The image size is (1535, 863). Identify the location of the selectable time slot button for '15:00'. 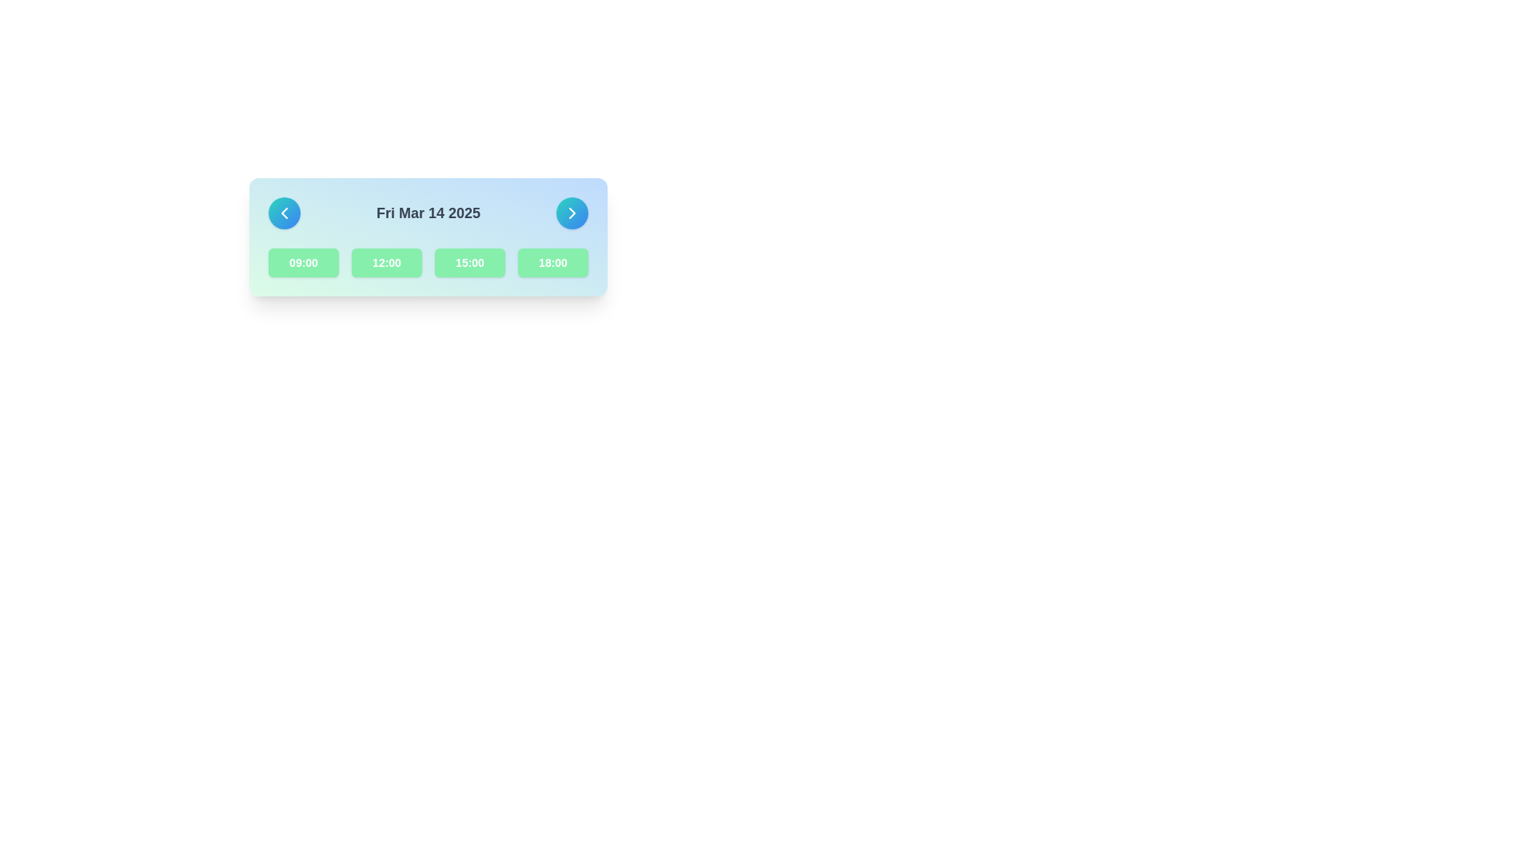
(429, 261).